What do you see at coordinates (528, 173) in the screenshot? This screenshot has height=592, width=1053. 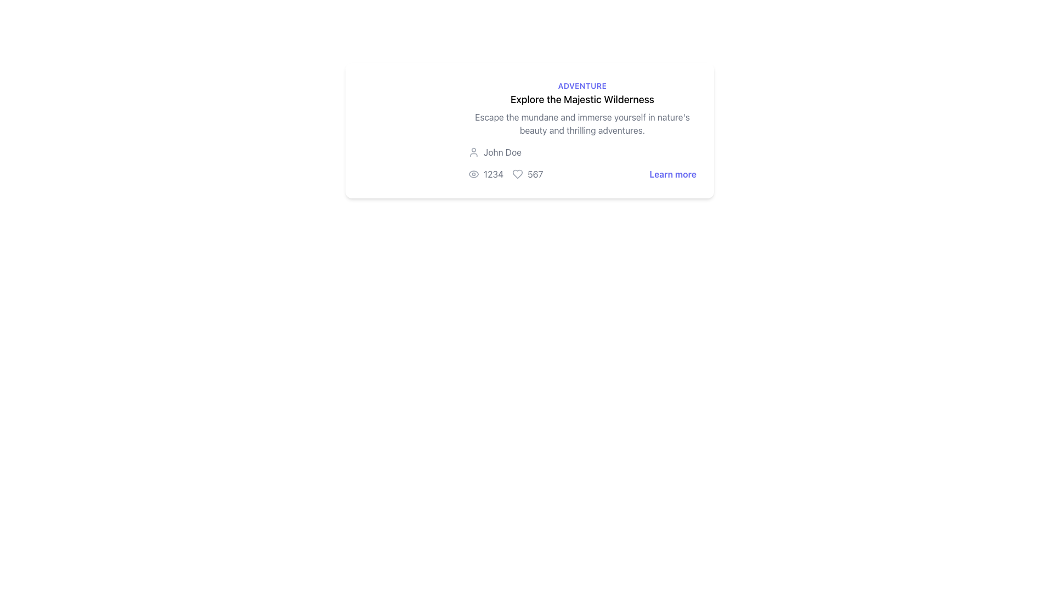 I see `the numerical text label '567' styled in gray, which is paired with a heart icon, located centrally towards the lower part of the card interface` at bounding box center [528, 173].